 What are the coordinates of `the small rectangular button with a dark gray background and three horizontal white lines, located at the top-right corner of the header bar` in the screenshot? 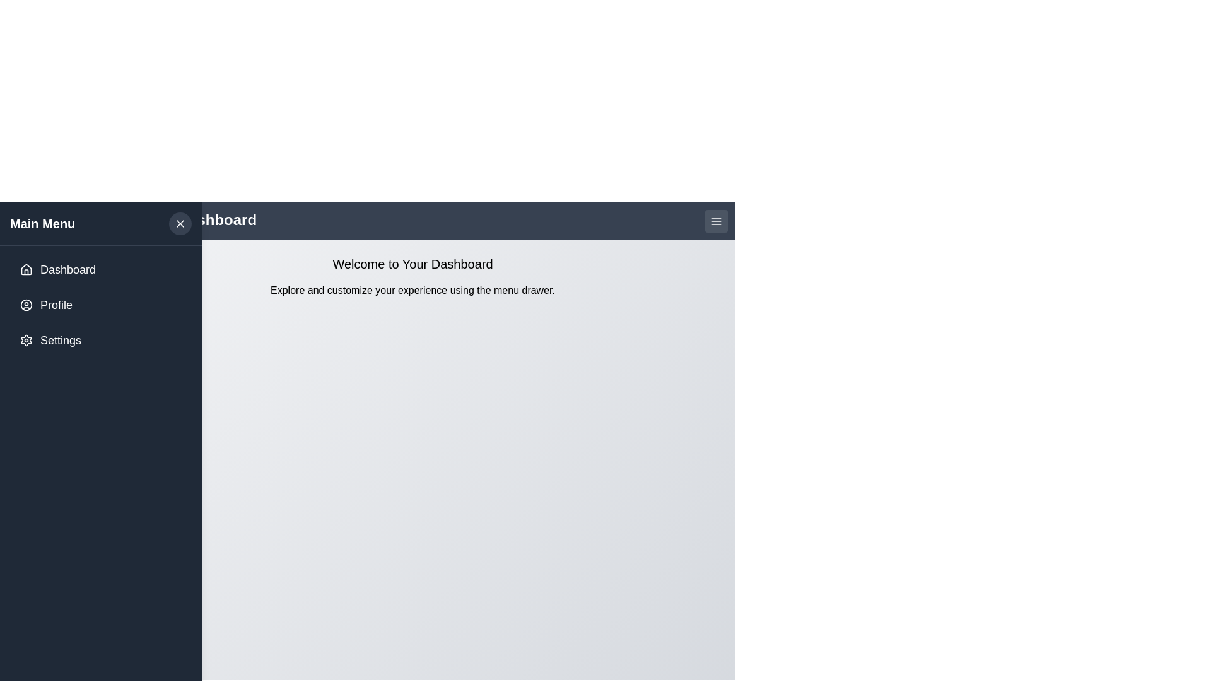 It's located at (717, 221).